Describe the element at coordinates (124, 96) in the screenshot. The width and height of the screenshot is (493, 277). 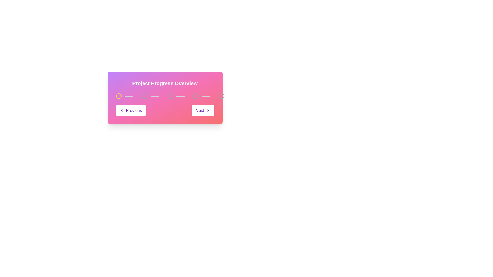
I see `the first circular progress step indicator with a yellow border and filled center, which is part of a horizontal step progression indicator` at that location.